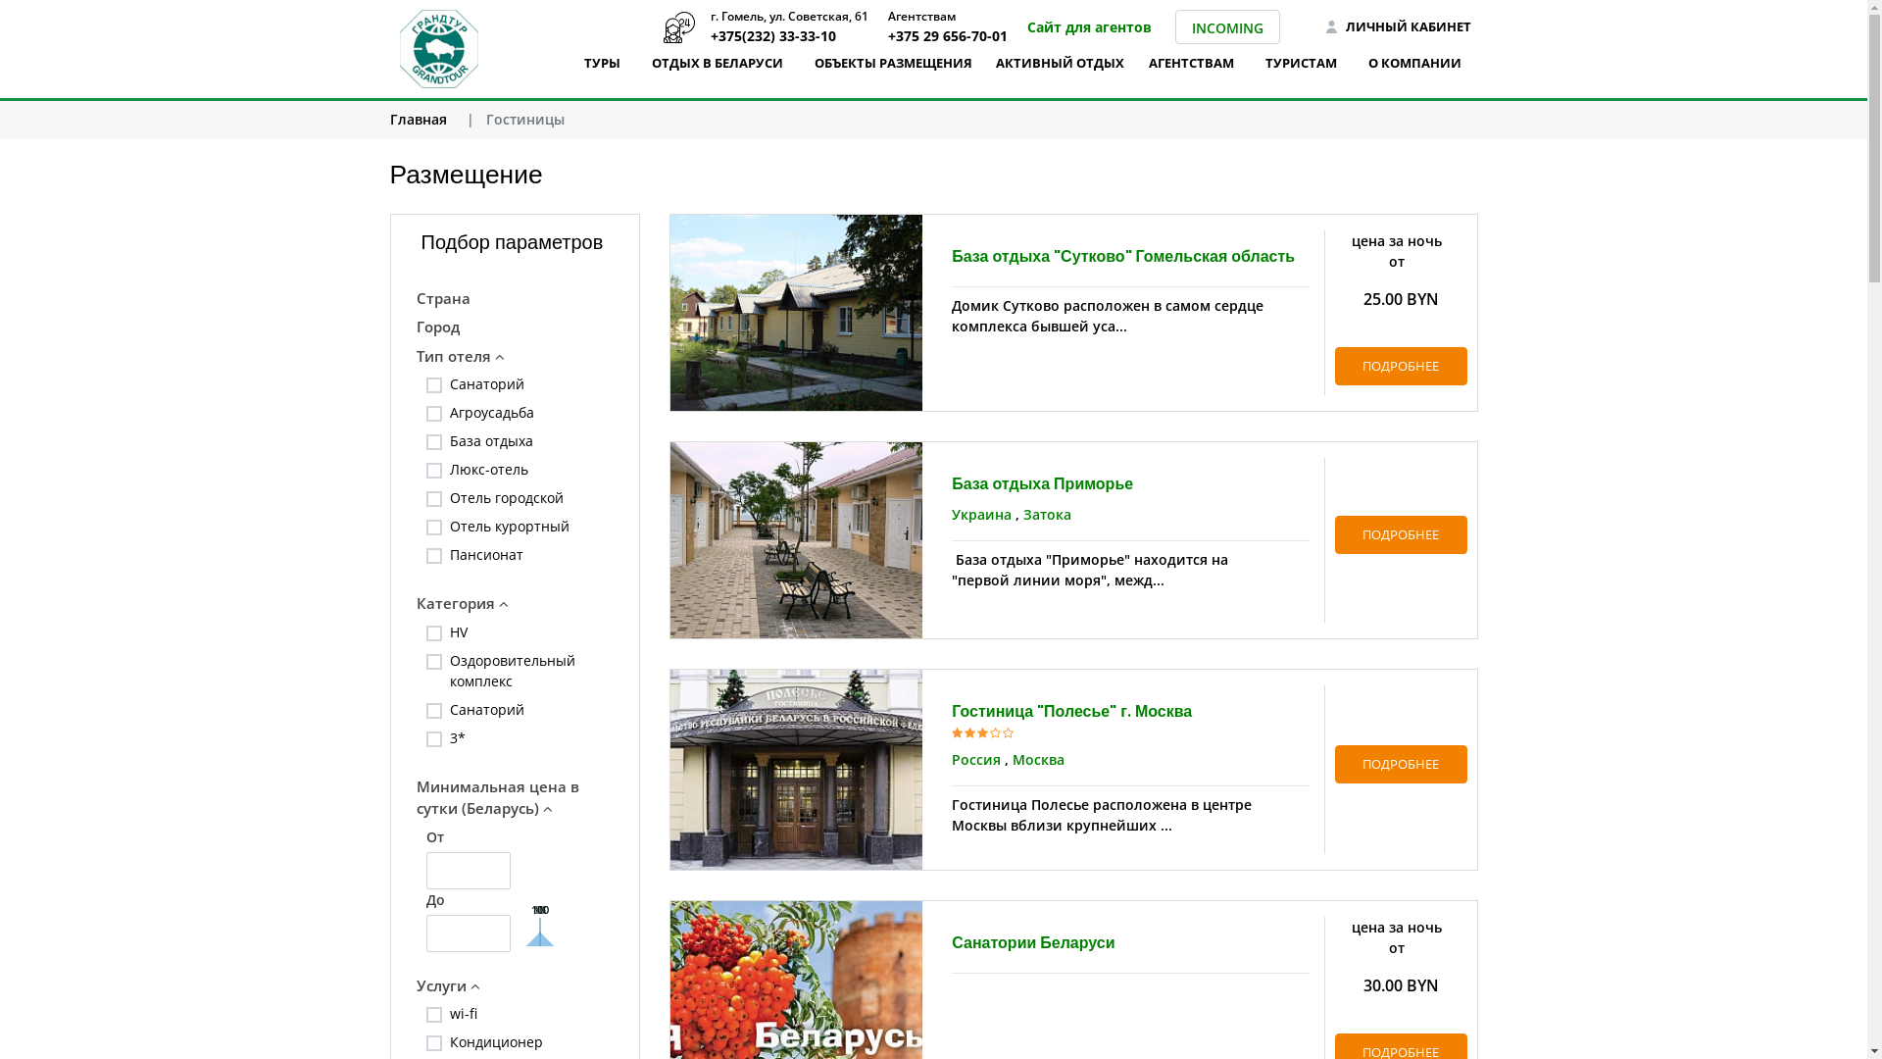  What do you see at coordinates (678, 26) in the screenshot?
I see `'+375(232) 33-33-10'` at bounding box center [678, 26].